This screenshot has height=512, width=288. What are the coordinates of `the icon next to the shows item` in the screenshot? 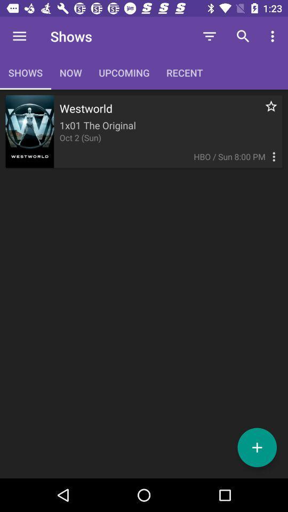 It's located at (19, 36).